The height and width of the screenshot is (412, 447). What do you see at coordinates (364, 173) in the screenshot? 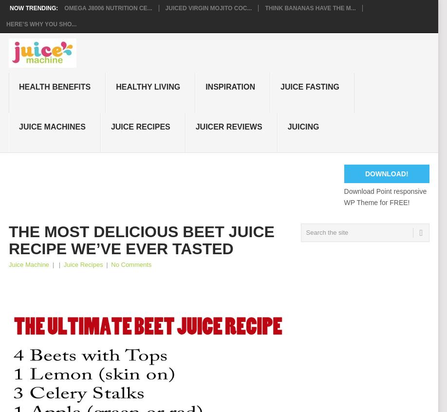
I see `'Download!'` at bounding box center [364, 173].